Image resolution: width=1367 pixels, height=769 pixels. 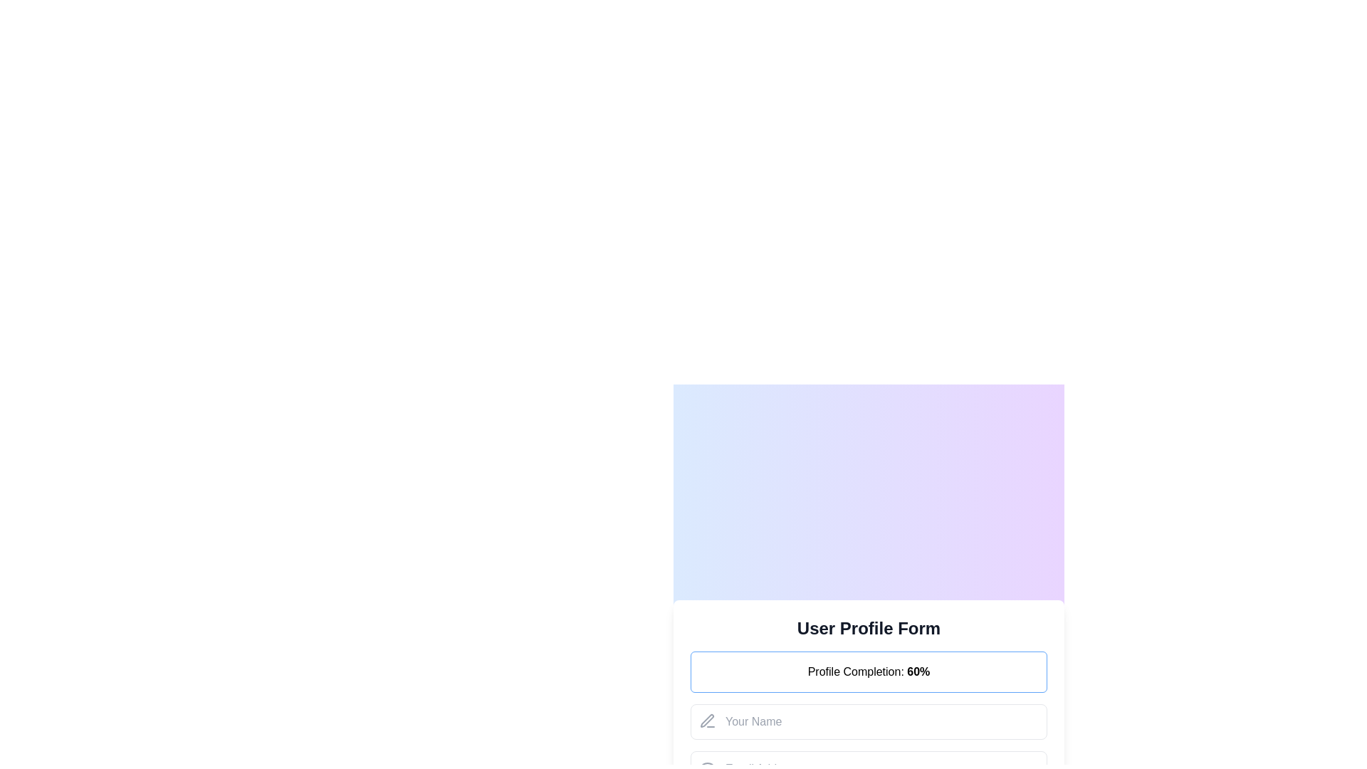 I want to click on the Text heading that serves as the title for the form, located at the top of the card above the 'Profile Completion: 60%' section, so click(x=868, y=627).